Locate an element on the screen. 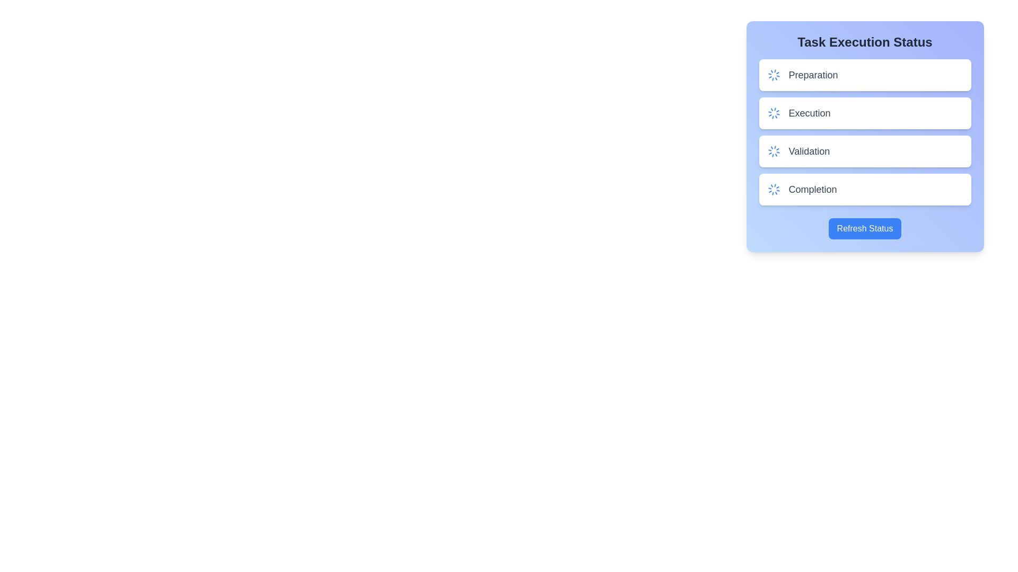 The image size is (1018, 572). the text label reading 'Preparation', which is styled with a medium font size and gray color, positioned as the first item within a vertically stacked list in the task execution status panel is located at coordinates (813, 75).